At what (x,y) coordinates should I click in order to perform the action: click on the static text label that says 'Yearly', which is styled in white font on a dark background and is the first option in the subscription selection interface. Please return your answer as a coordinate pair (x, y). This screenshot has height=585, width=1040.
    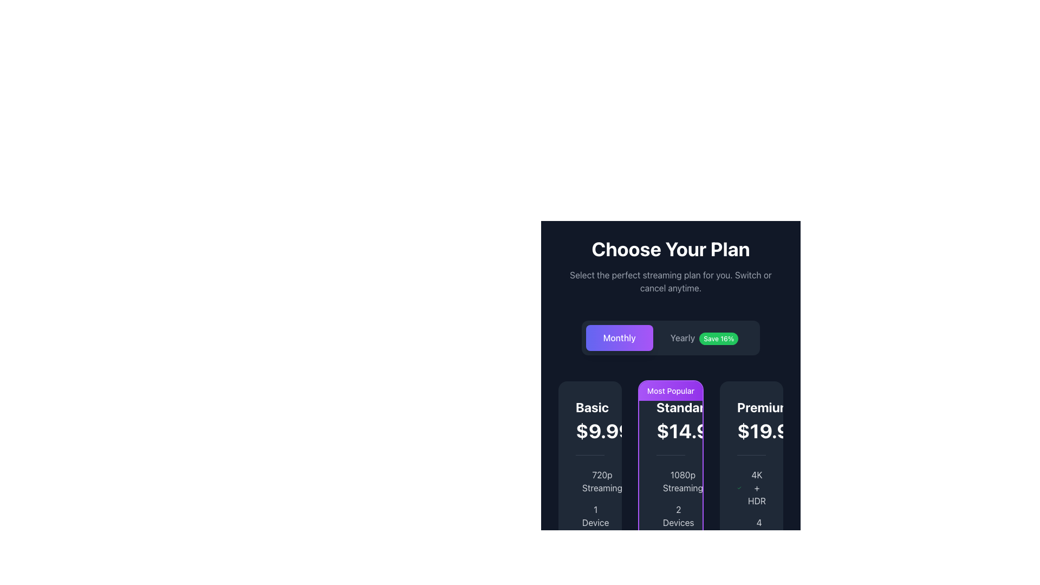
    Looking at the image, I should click on (682, 337).